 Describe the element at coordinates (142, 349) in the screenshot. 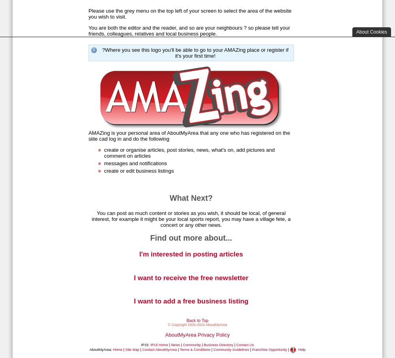

I see `'Contact AboutMyArea'` at that location.